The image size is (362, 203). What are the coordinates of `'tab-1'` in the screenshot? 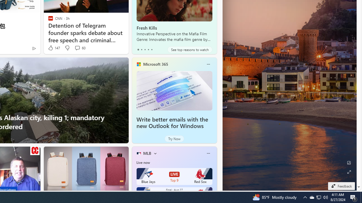 It's located at (141, 49).